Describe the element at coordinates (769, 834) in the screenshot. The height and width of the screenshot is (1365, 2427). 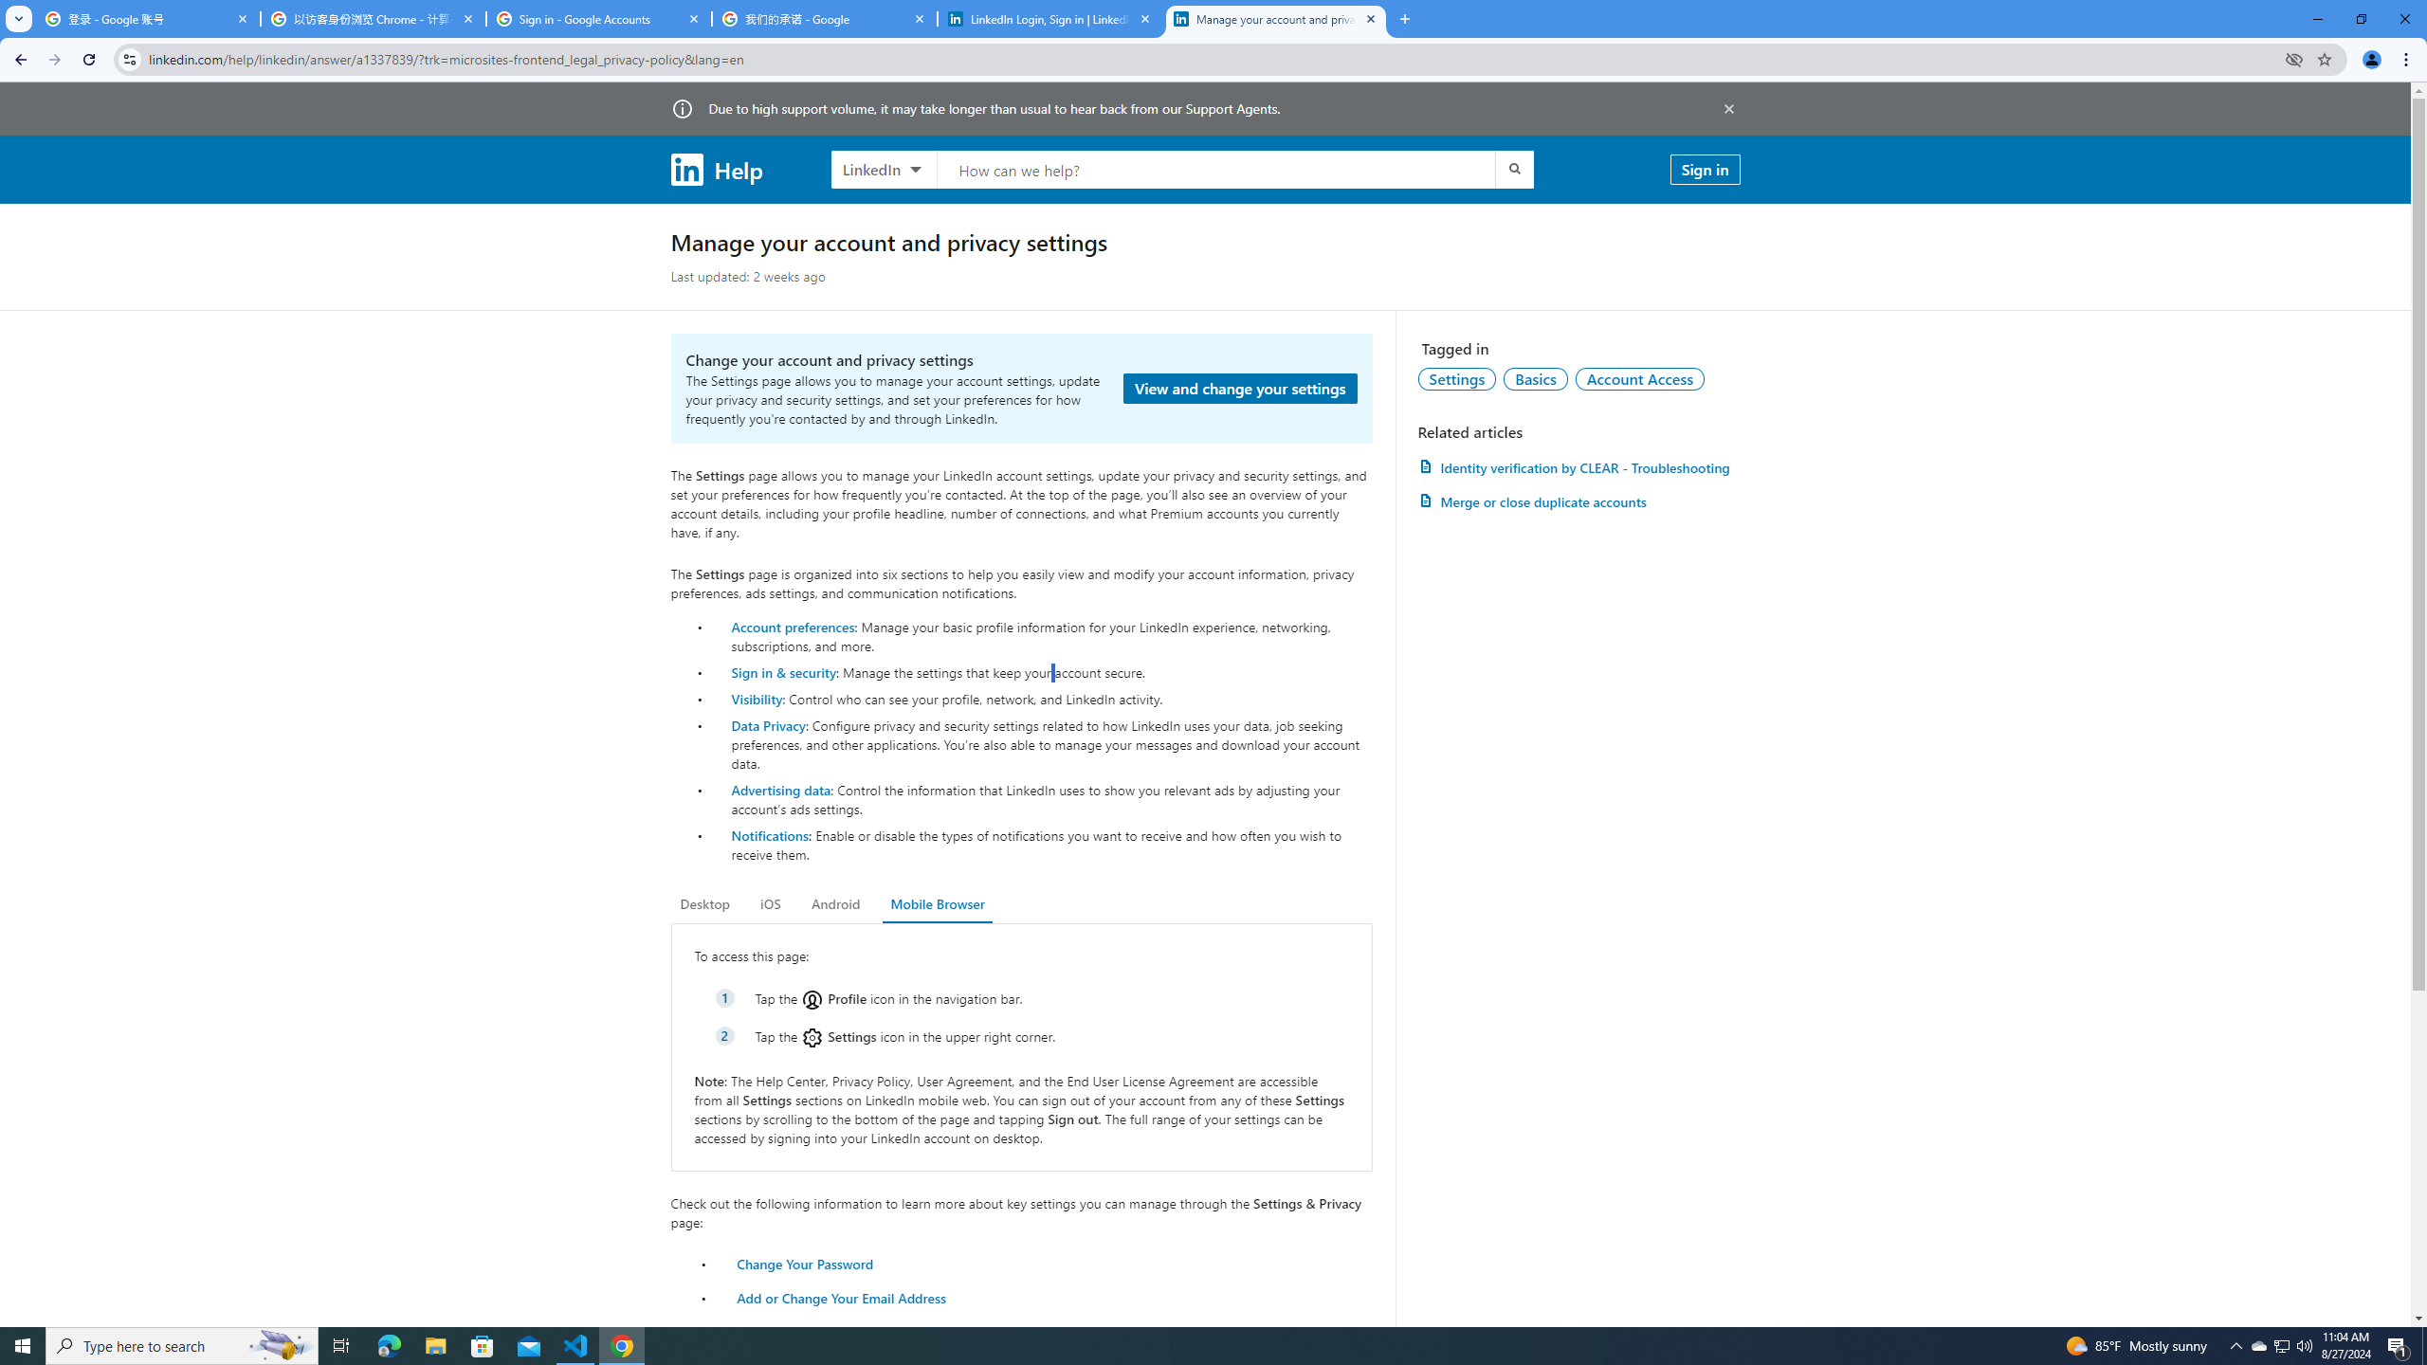
I see `'Notifications'` at that location.